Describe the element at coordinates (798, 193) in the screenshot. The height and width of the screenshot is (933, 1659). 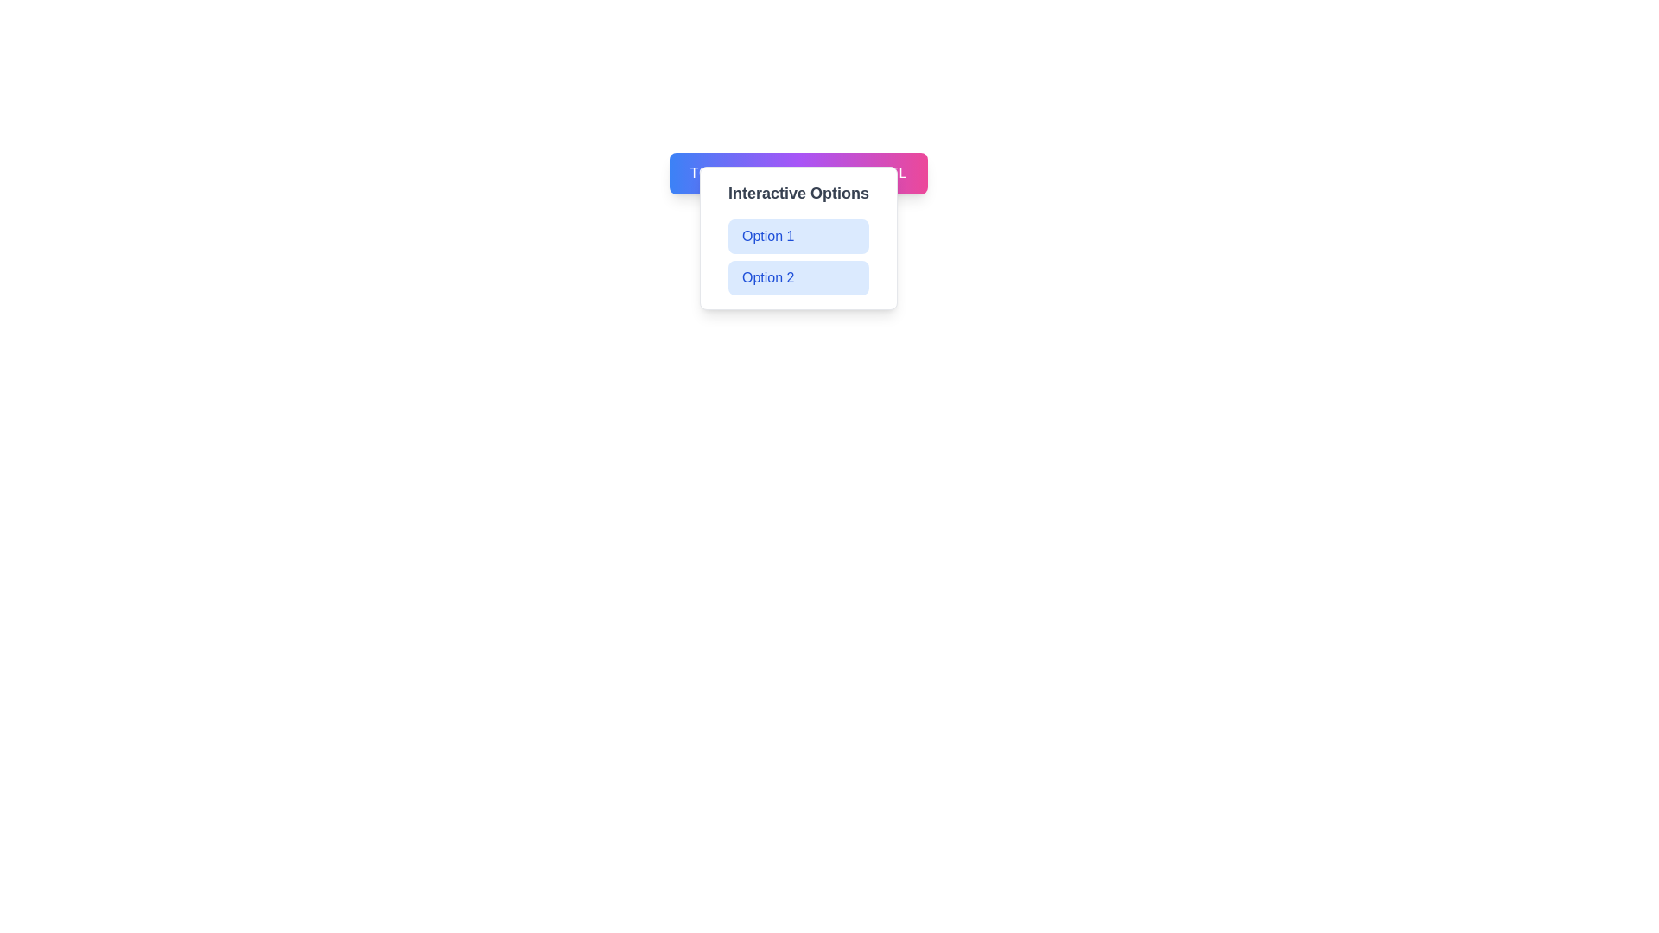
I see `the Text label that serves as a title or heading for the dropdown options 'Option 1' and 'Option 2', positioned above them and centered horizontally in the menu` at that location.